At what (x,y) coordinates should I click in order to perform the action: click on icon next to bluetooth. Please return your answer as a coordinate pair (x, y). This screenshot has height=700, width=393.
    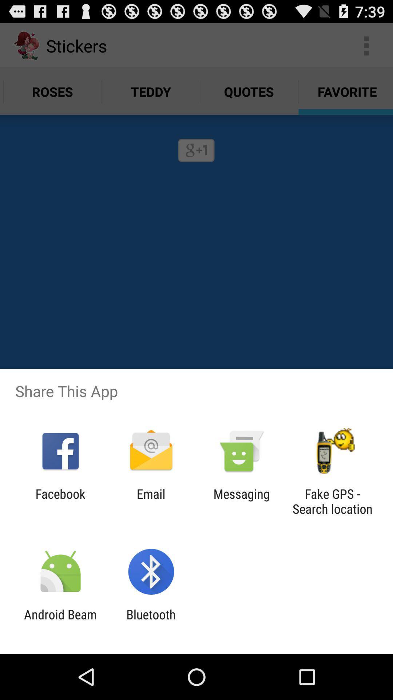
    Looking at the image, I should click on (60, 622).